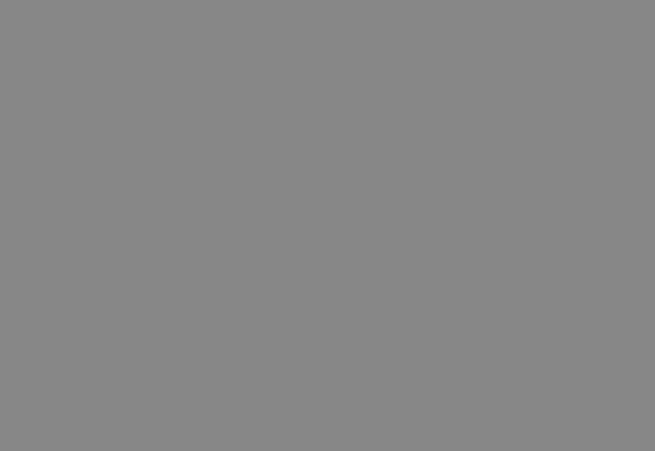 Image resolution: width=655 pixels, height=451 pixels. I want to click on '(293 KB)', so click(439, 214).